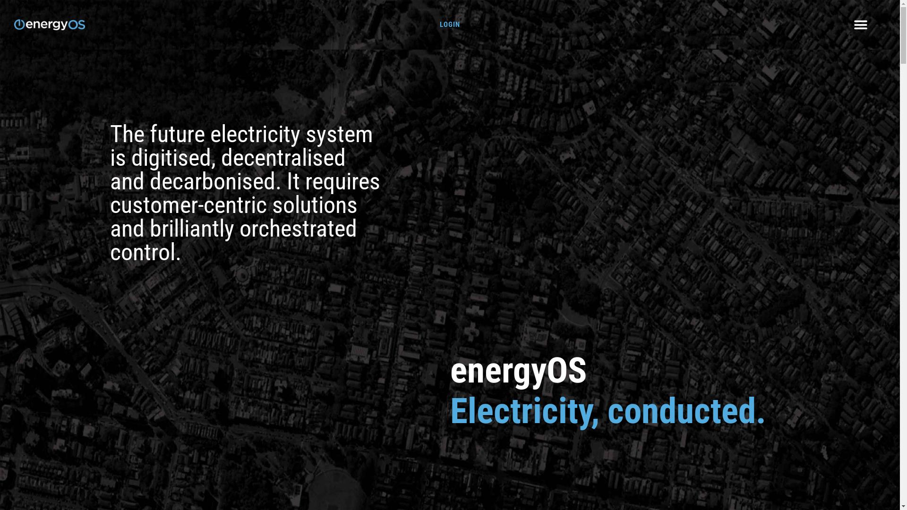  What do you see at coordinates (439, 24) in the screenshot?
I see `'LOGIN'` at bounding box center [439, 24].